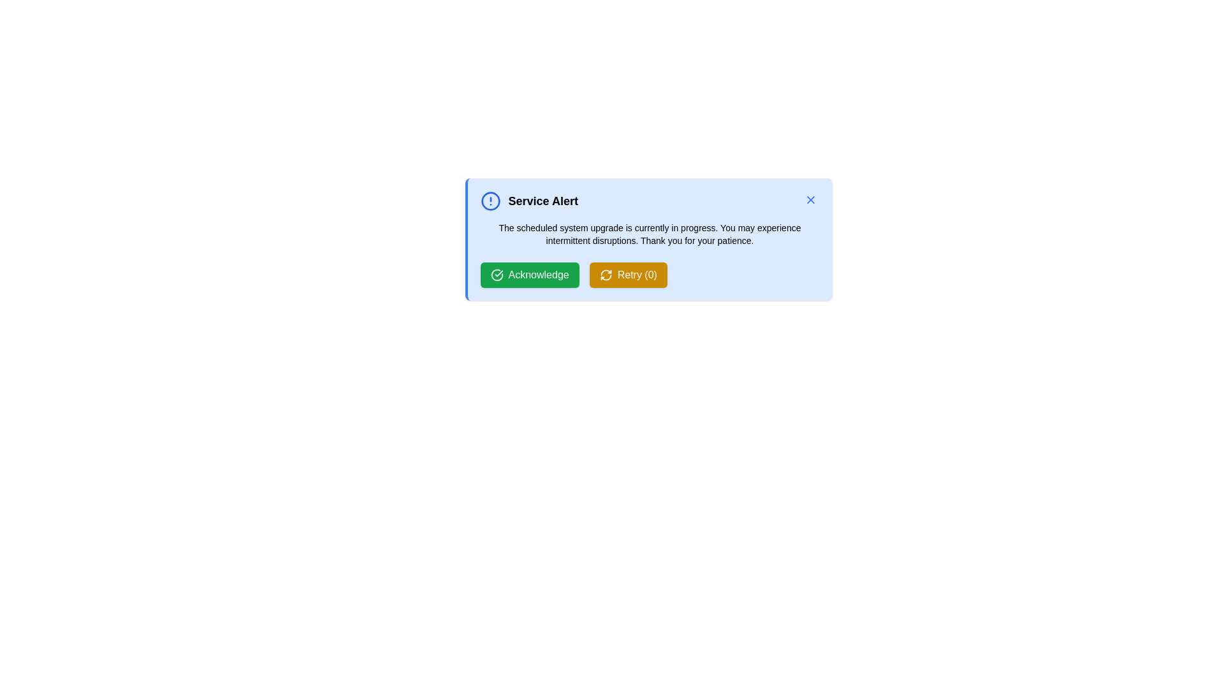 The height and width of the screenshot is (688, 1224). Describe the element at coordinates (628, 275) in the screenshot. I see `the Retry button to retry the operation` at that location.